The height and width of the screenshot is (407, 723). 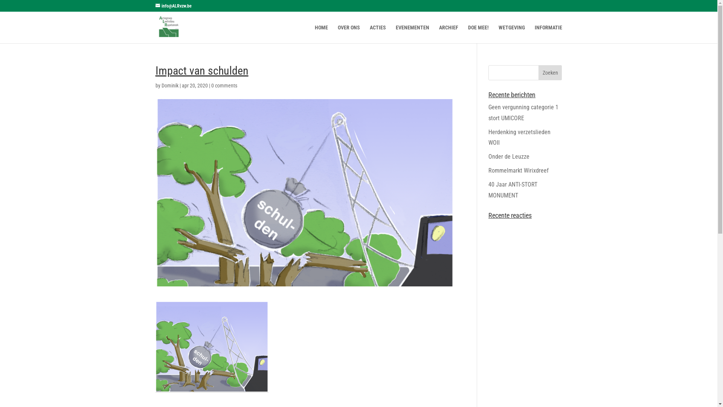 I want to click on 'EVENEMENTEN', so click(x=412, y=34).